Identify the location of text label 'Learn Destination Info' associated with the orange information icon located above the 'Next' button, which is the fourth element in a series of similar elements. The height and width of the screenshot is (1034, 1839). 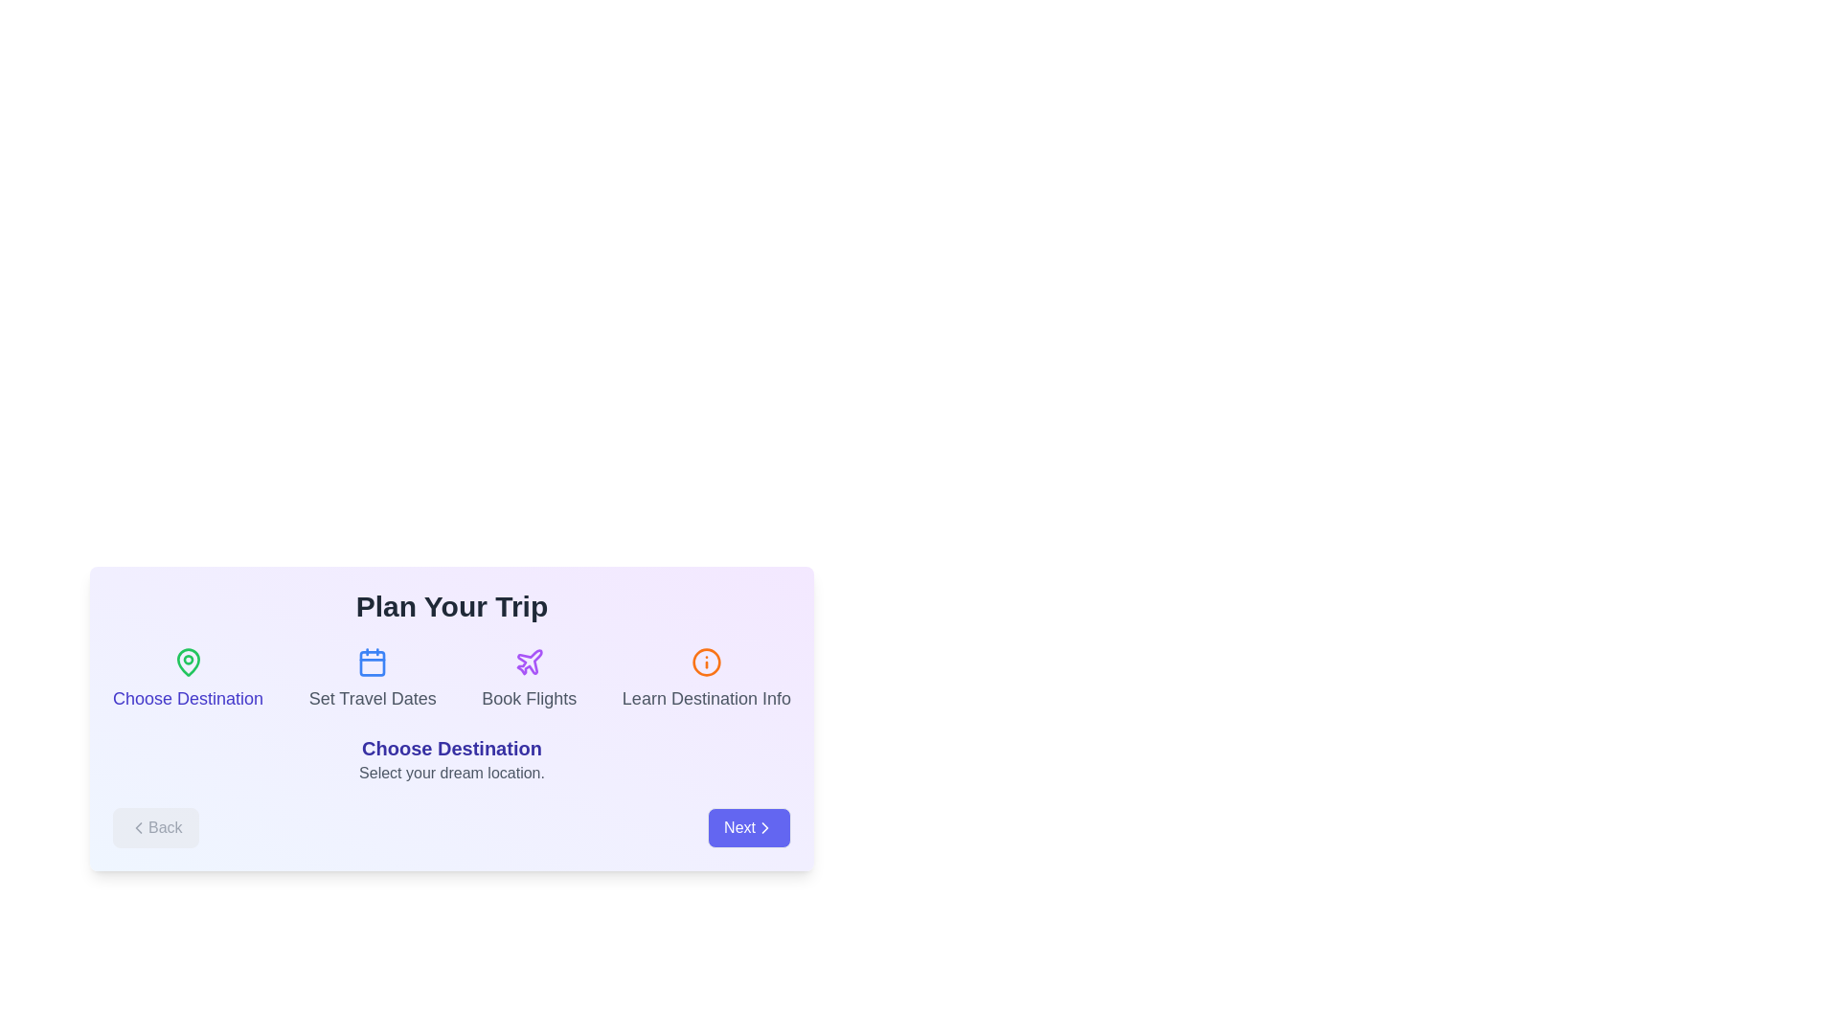
(705, 678).